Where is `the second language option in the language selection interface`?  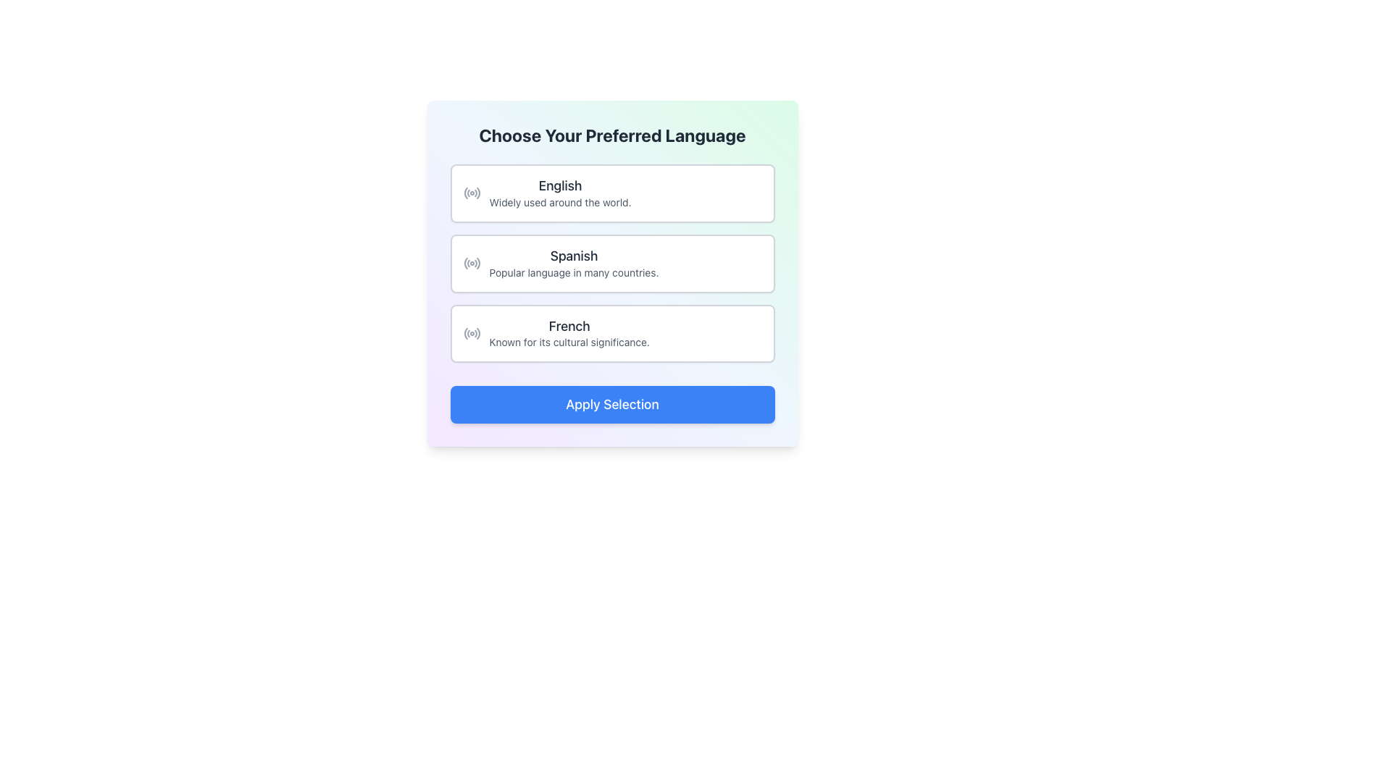 the second language option in the language selection interface is located at coordinates (560, 264).